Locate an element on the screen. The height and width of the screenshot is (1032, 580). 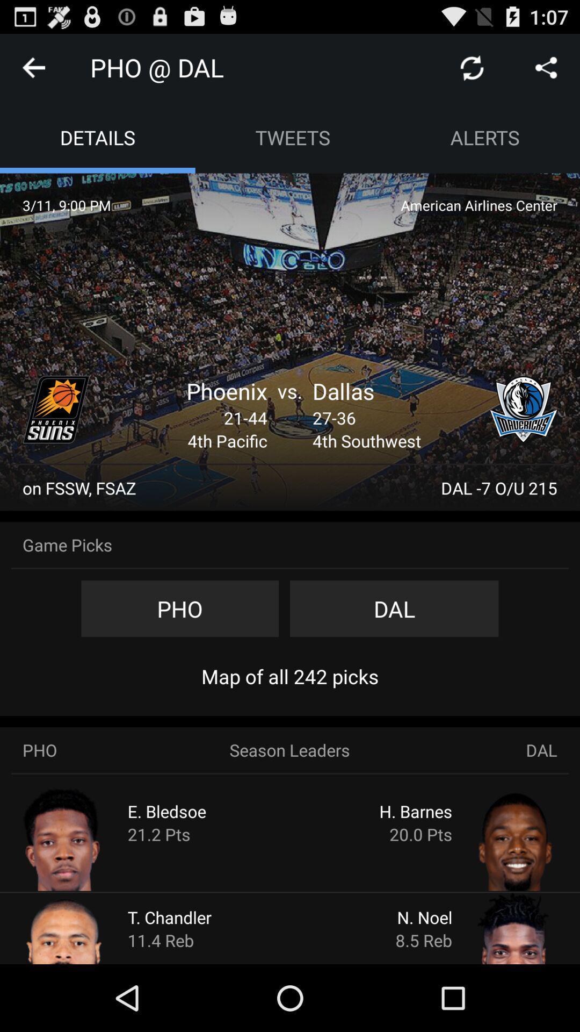
the location icon is located at coordinates (523, 438).